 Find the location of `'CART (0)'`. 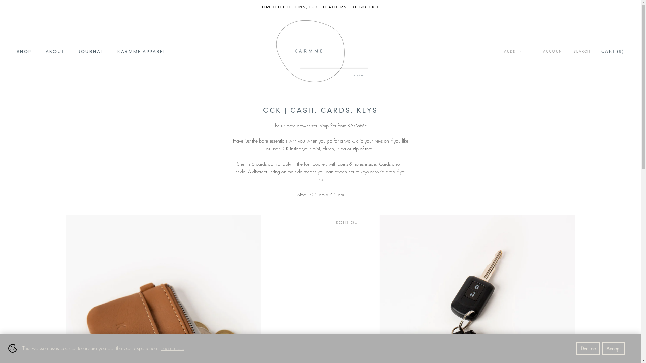

'CART (0)' is located at coordinates (612, 51).